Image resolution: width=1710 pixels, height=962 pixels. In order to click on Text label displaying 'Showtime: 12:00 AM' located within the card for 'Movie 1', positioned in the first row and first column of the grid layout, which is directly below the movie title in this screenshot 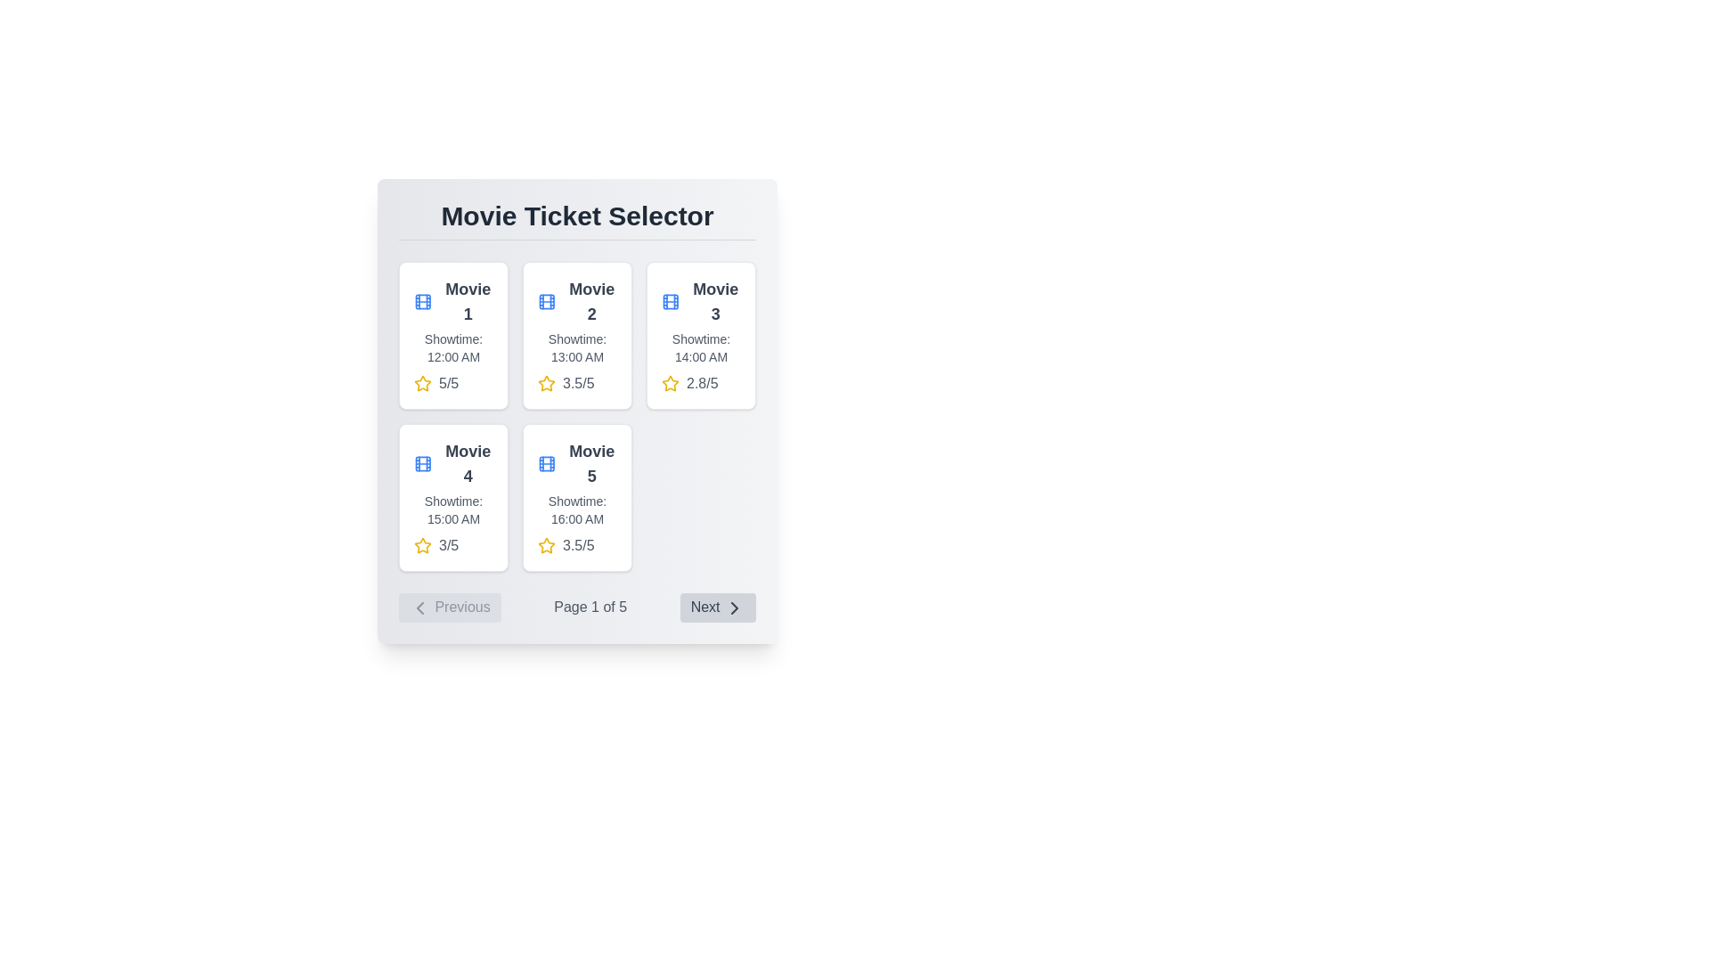, I will do `click(453, 347)`.